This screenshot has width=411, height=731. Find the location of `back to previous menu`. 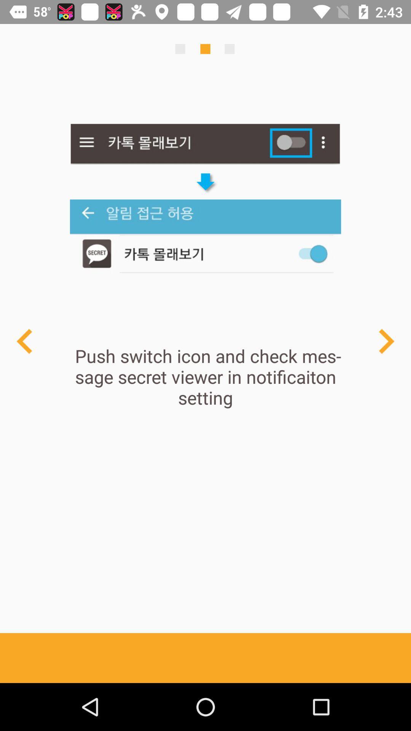

back to previous menu is located at coordinates (24, 341).